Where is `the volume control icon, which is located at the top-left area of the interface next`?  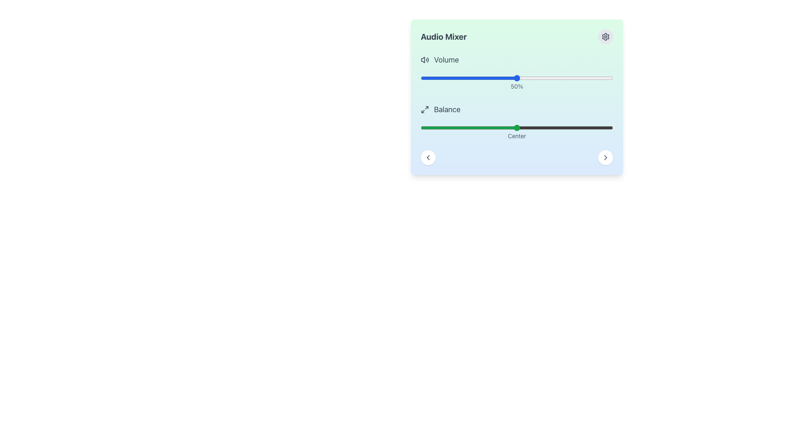 the volume control icon, which is located at the top-left area of the interface next is located at coordinates (423, 60).